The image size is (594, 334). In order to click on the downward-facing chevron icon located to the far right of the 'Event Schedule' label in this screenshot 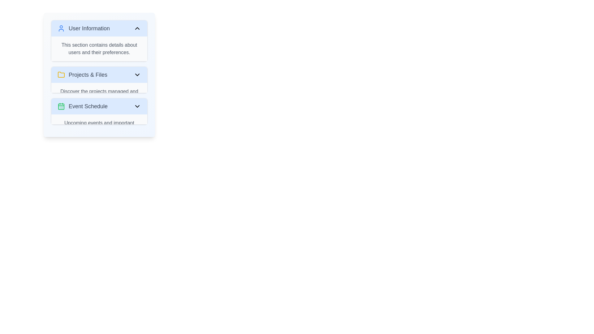, I will do `click(137, 106)`.